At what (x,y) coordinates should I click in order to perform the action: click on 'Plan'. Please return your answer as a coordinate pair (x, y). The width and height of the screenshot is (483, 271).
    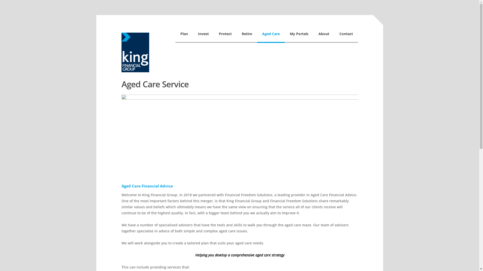
    Looking at the image, I should click on (175, 36).